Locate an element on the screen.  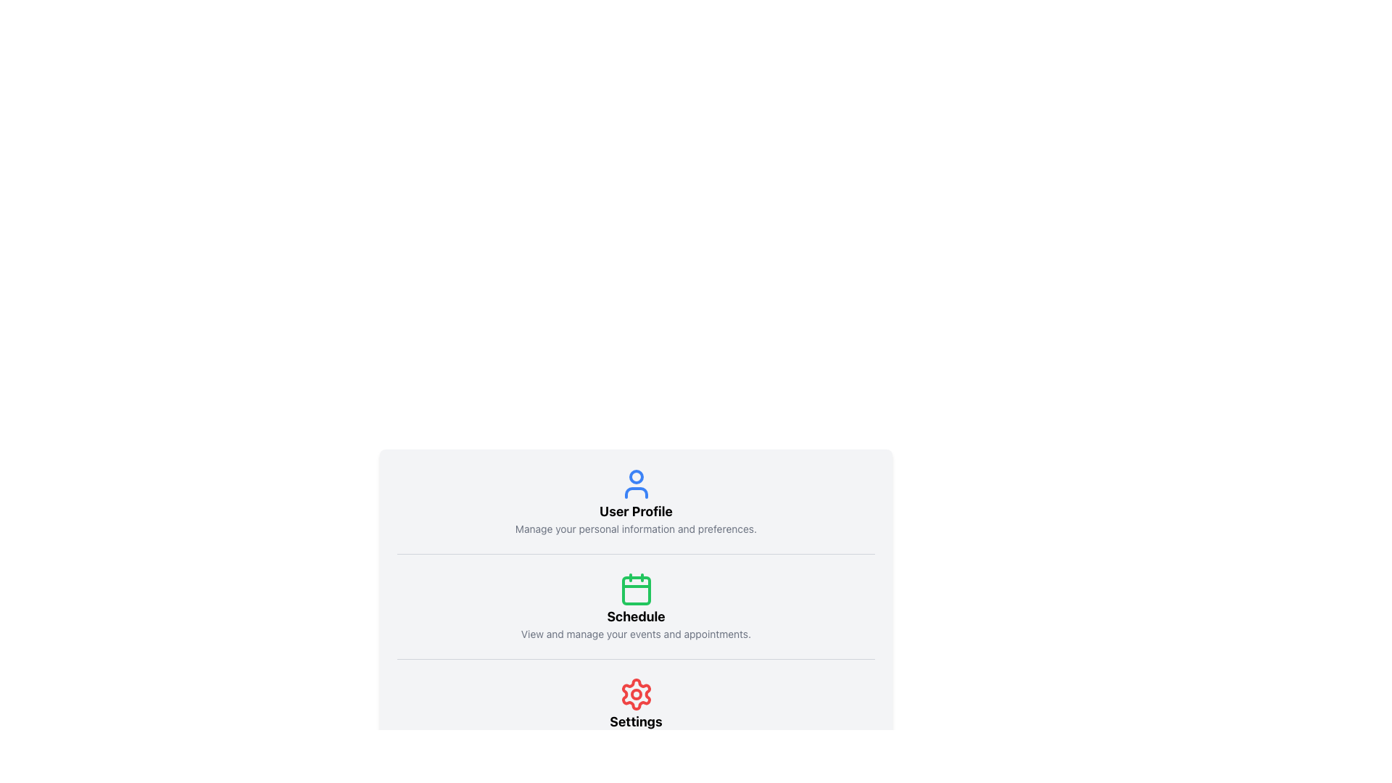
Section Header with Icon that guides users to manage their personal information and preferences, positioned above the 'Schedule' and 'Settings' sections is located at coordinates (636, 500).